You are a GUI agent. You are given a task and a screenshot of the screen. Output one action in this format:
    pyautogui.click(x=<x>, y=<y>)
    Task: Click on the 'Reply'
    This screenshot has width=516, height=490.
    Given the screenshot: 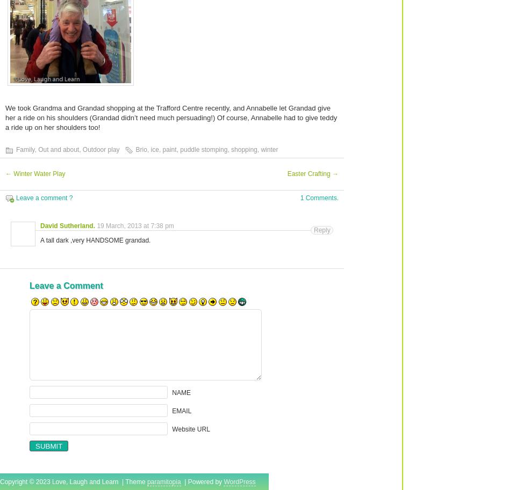 What is the action you would take?
    pyautogui.click(x=322, y=230)
    